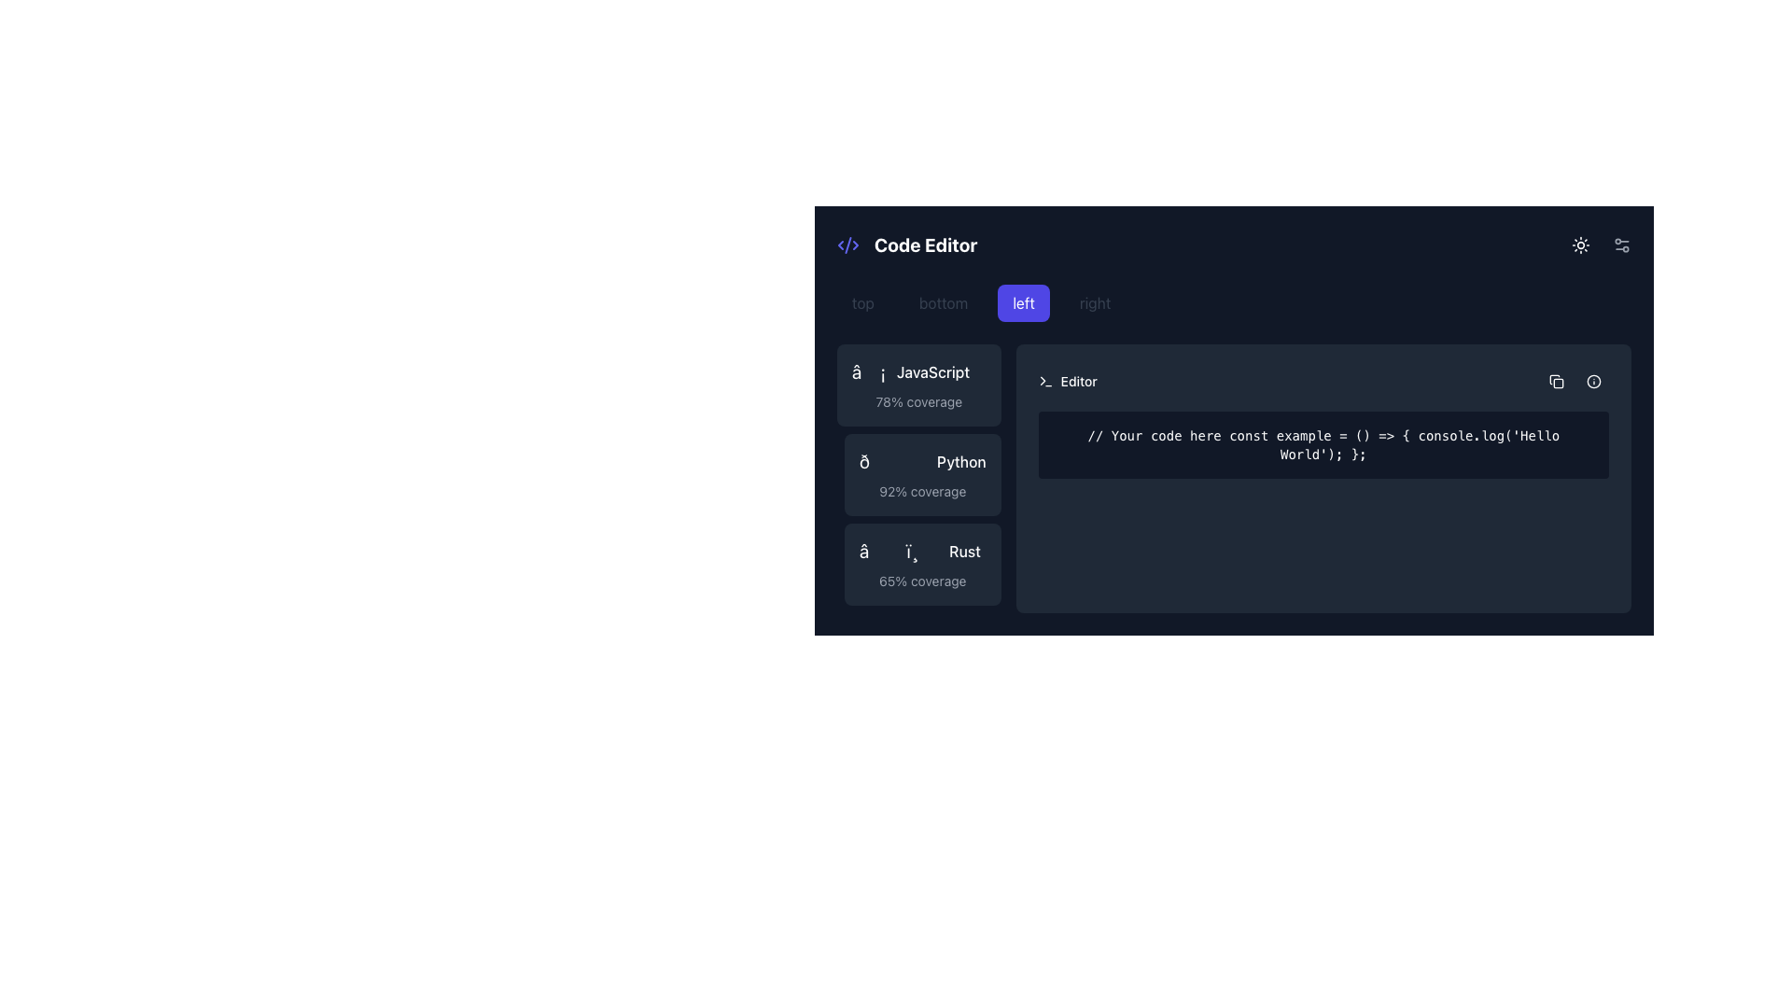 The image size is (1792, 1008). What do you see at coordinates (1557, 380) in the screenshot?
I see `the leftmost square button with a dark background and a 'copy' icon to copy content` at bounding box center [1557, 380].